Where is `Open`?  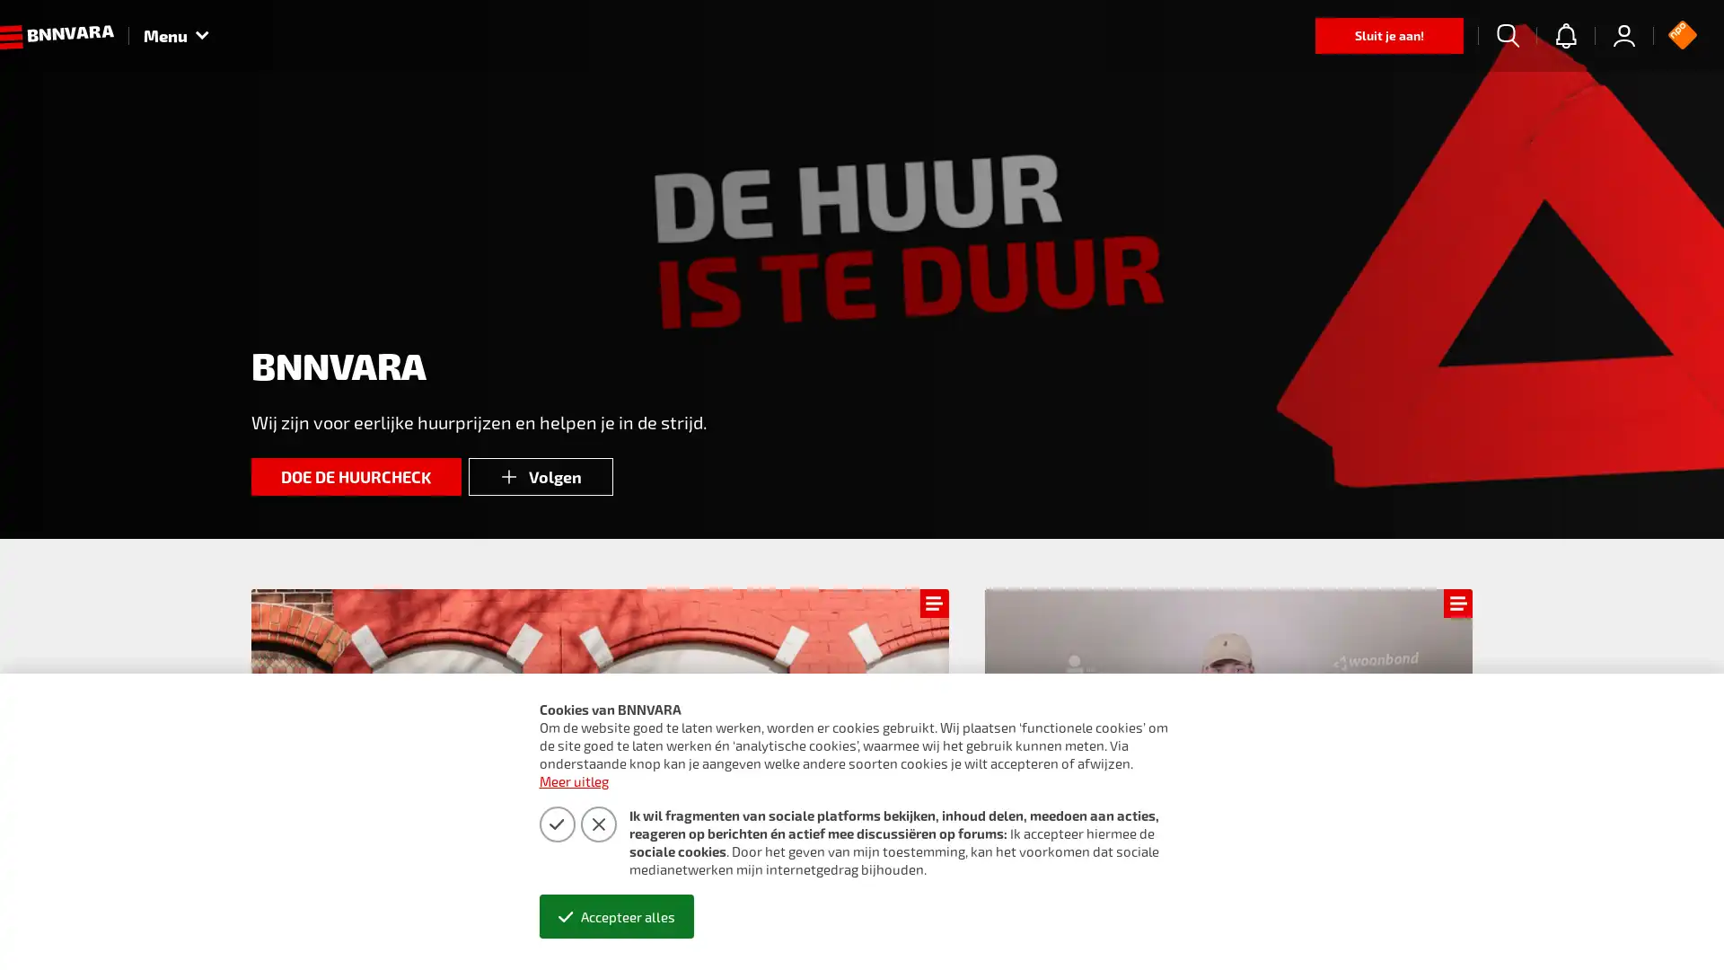 Open is located at coordinates (1670, 921).